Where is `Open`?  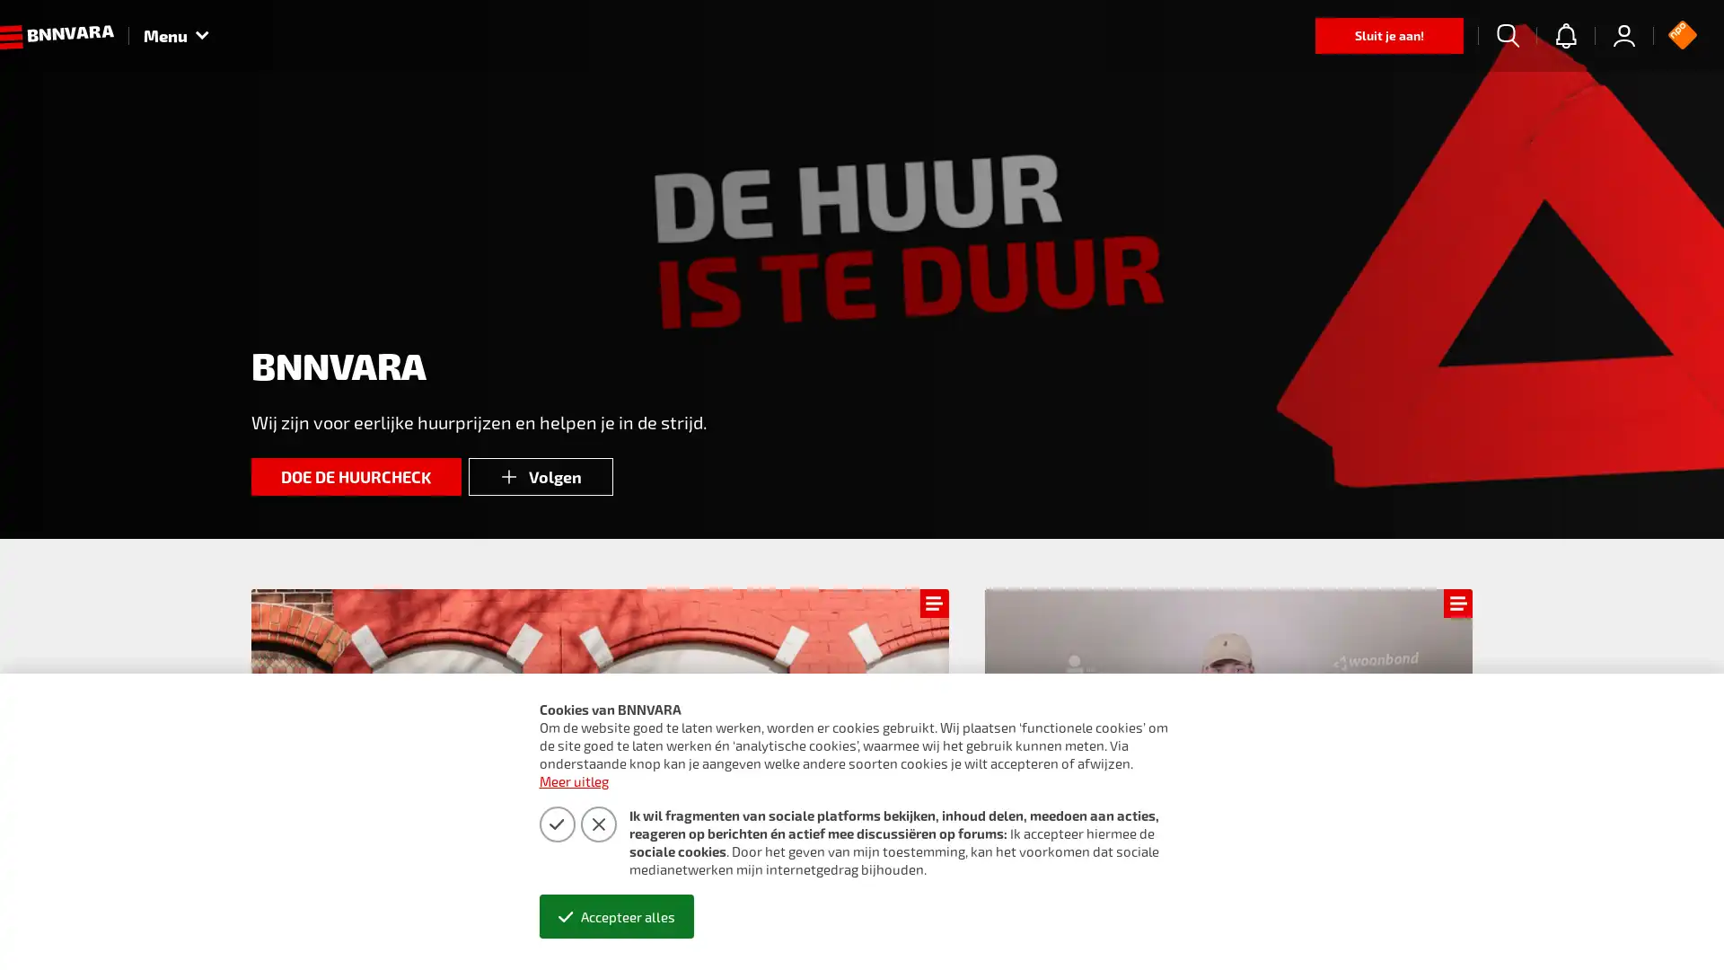 Open is located at coordinates (1670, 921).